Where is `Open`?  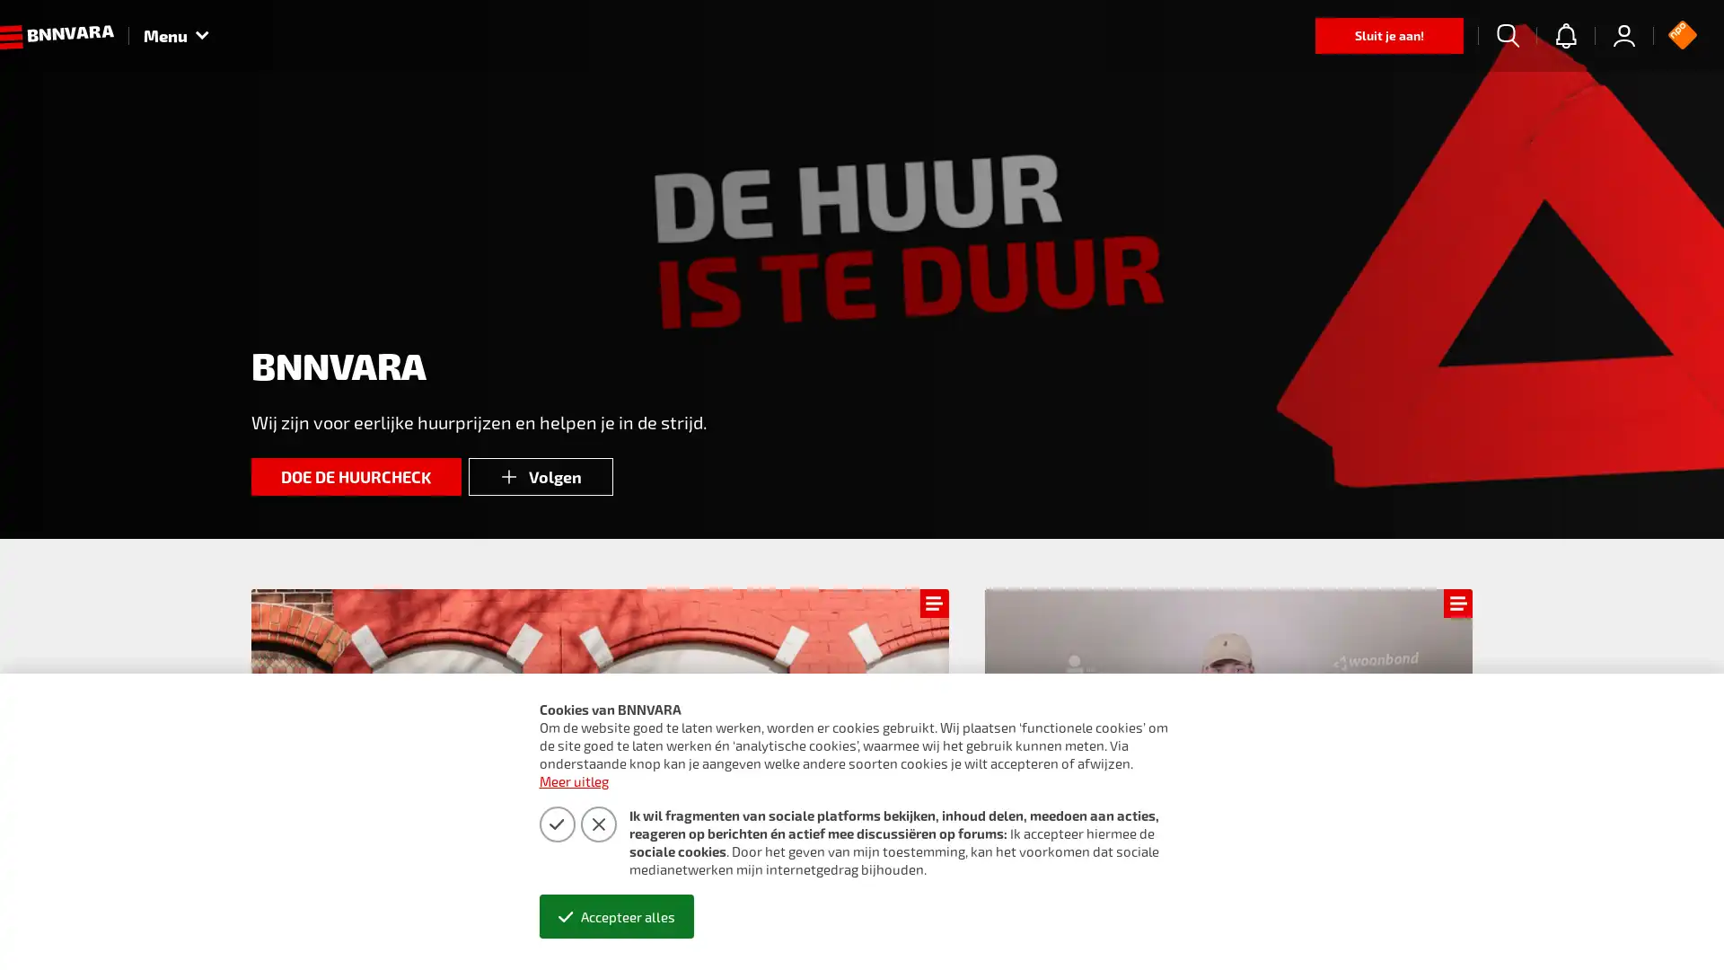 Open is located at coordinates (1670, 921).